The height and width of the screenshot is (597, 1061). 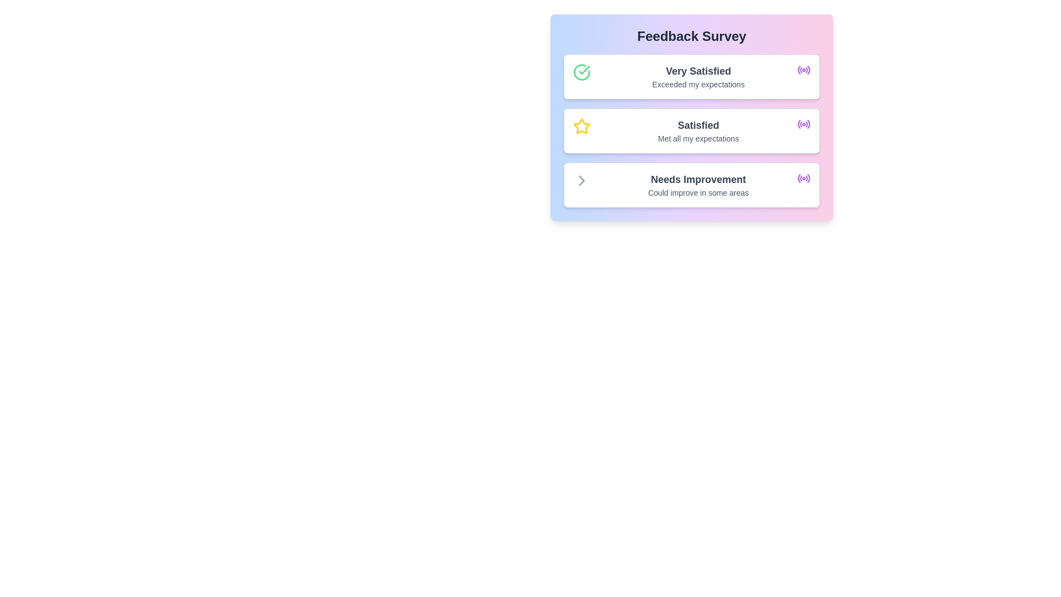 I want to click on the text label that states 'Exceeded my expectations', which is located immediately below the 'Very Satisfied' header in the top feedback card of the 'Feedback Survey' section, so click(x=697, y=84).